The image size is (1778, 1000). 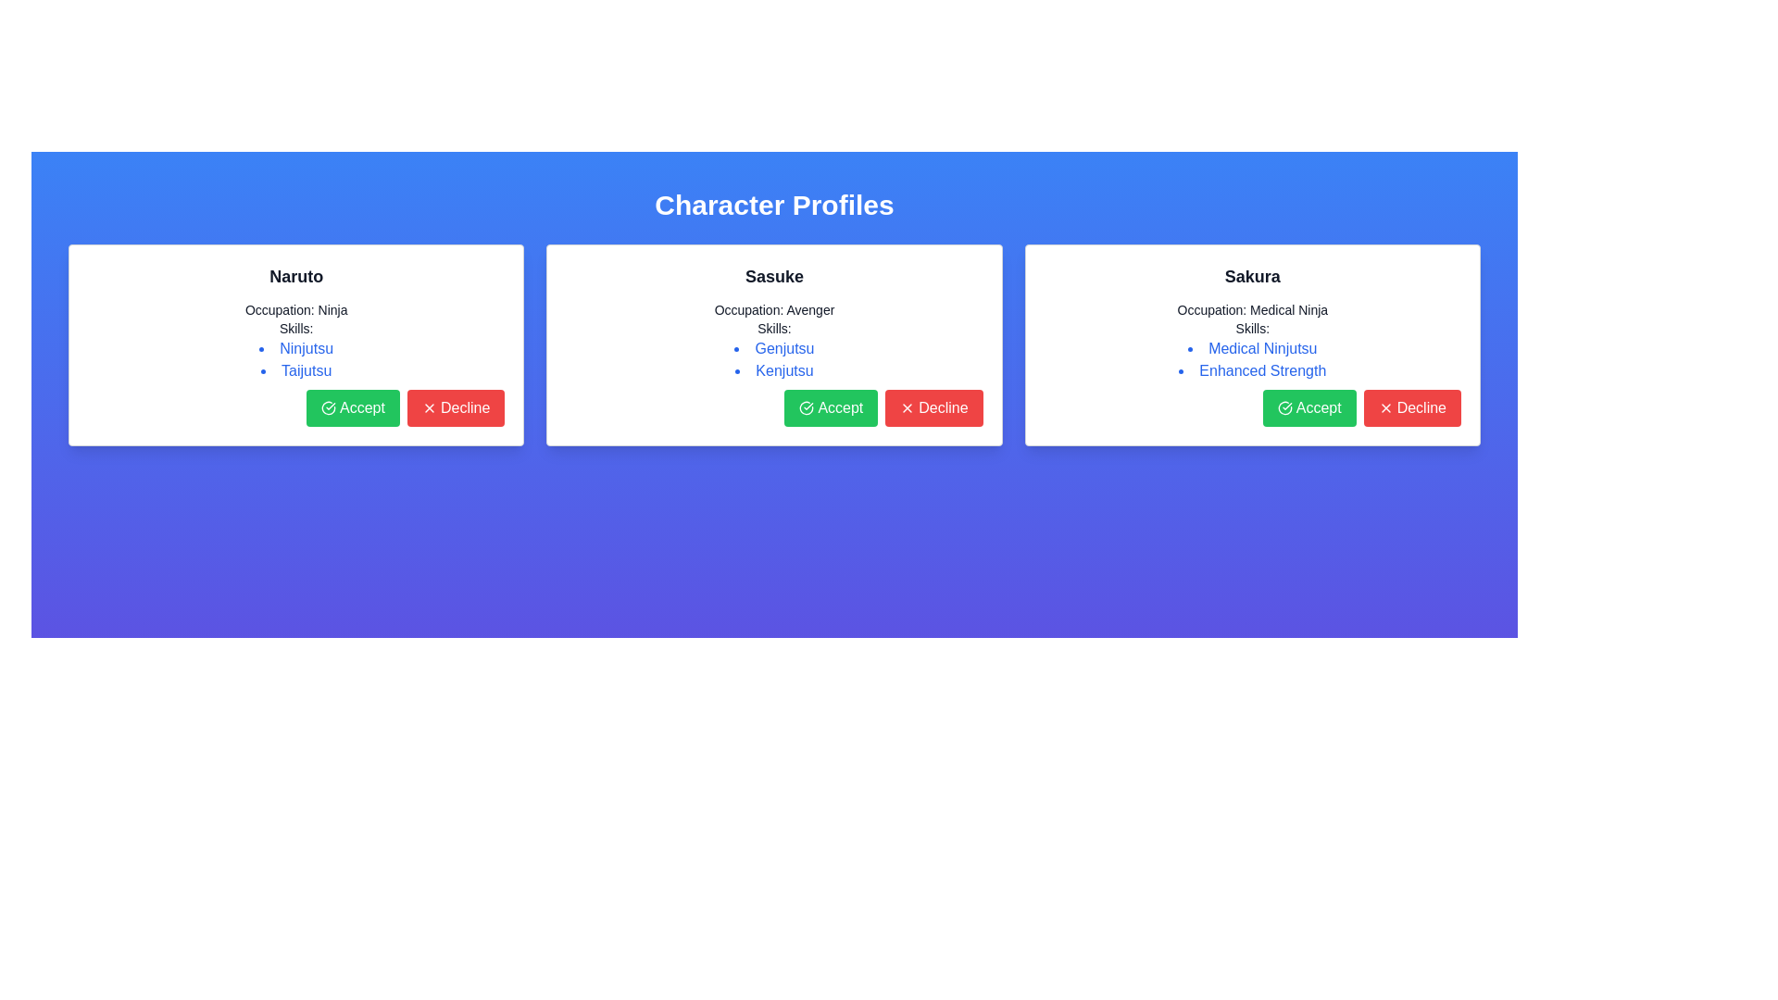 What do you see at coordinates (1252, 327) in the screenshot?
I see `the Text Label that serves as a heading for the list of skills, located under the 'Occupation' line and above the list items ('Medical Ninjutsu' and 'Enhanced Strength')` at bounding box center [1252, 327].